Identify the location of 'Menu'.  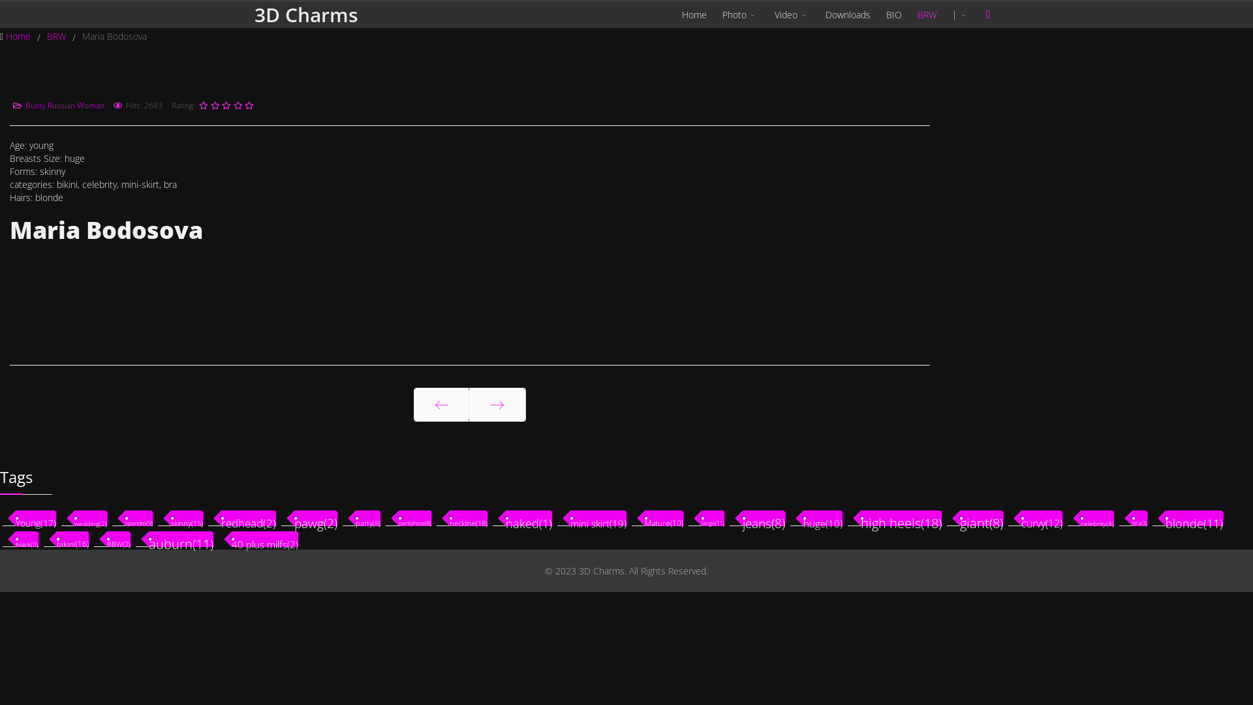
(987, 14).